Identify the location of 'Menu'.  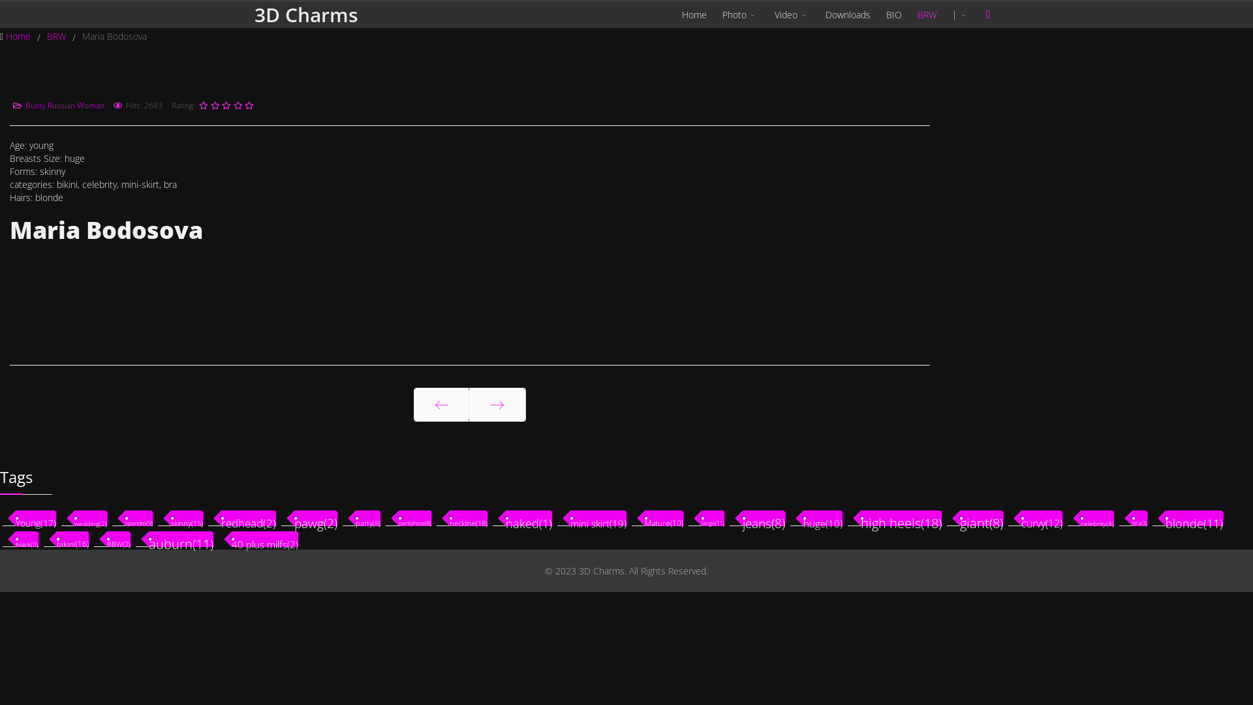
(987, 14).